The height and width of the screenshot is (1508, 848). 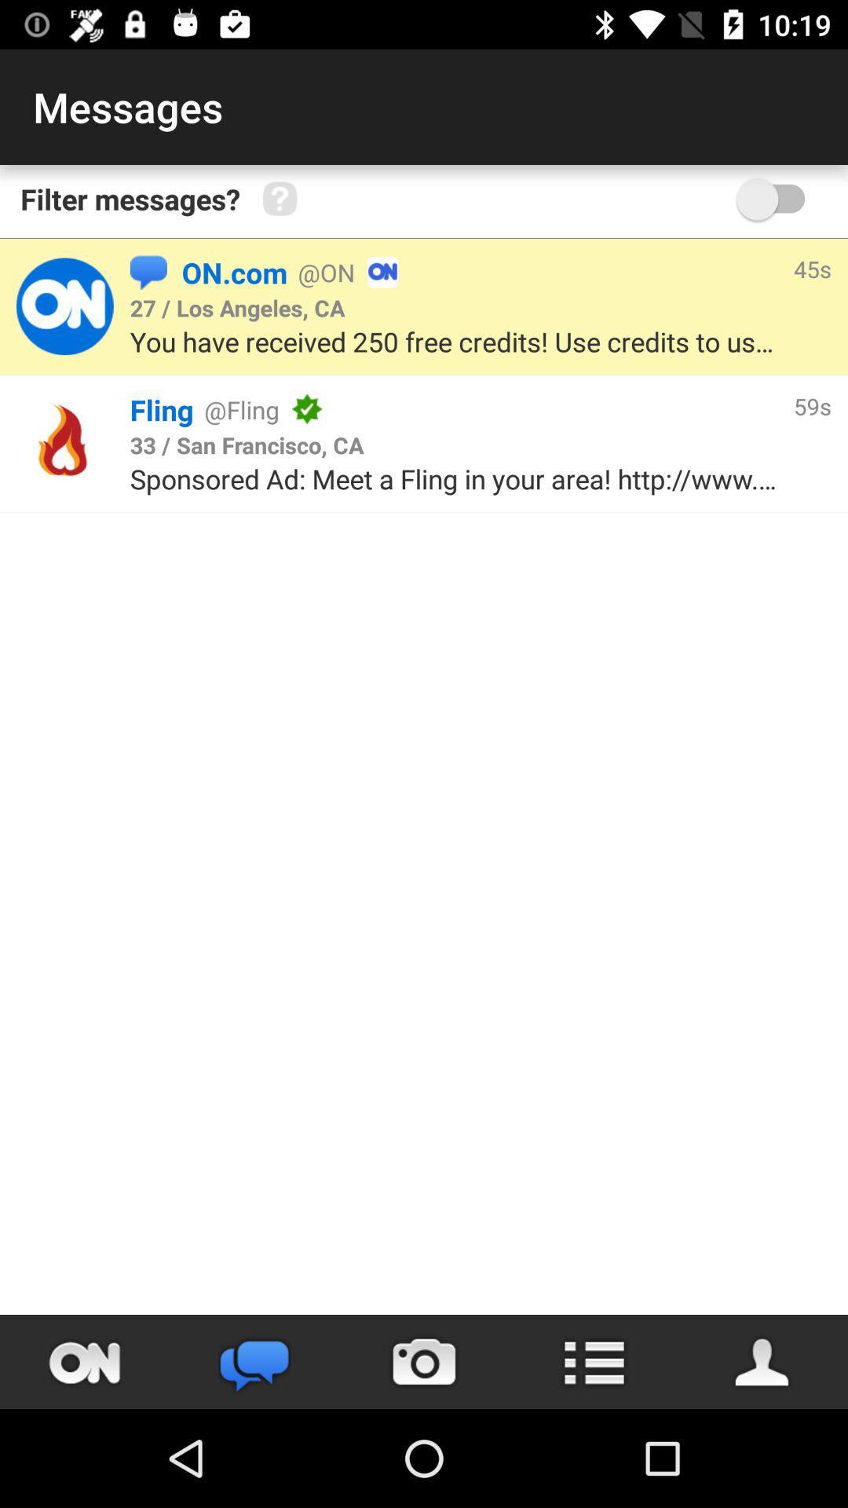 What do you see at coordinates (458, 341) in the screenshot?
I see `icon below 27 los angeles item` at bounding box center [458, 341].